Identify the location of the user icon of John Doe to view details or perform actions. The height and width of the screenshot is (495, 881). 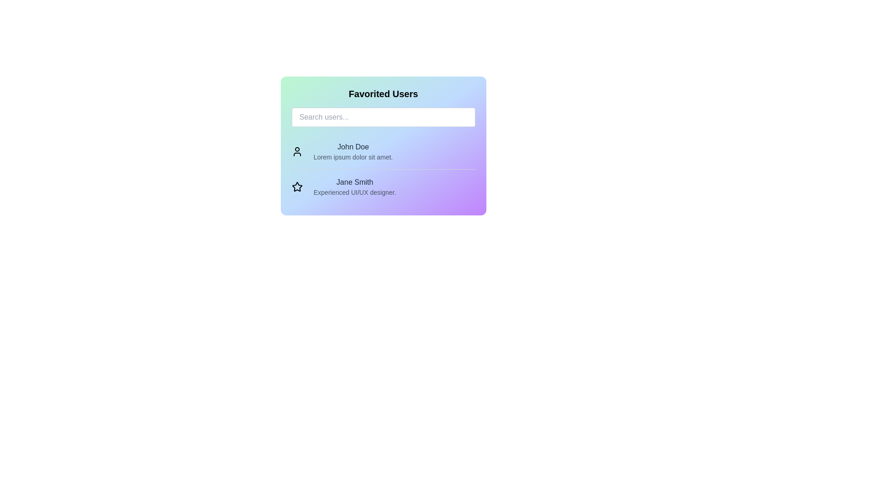
(297, 151).